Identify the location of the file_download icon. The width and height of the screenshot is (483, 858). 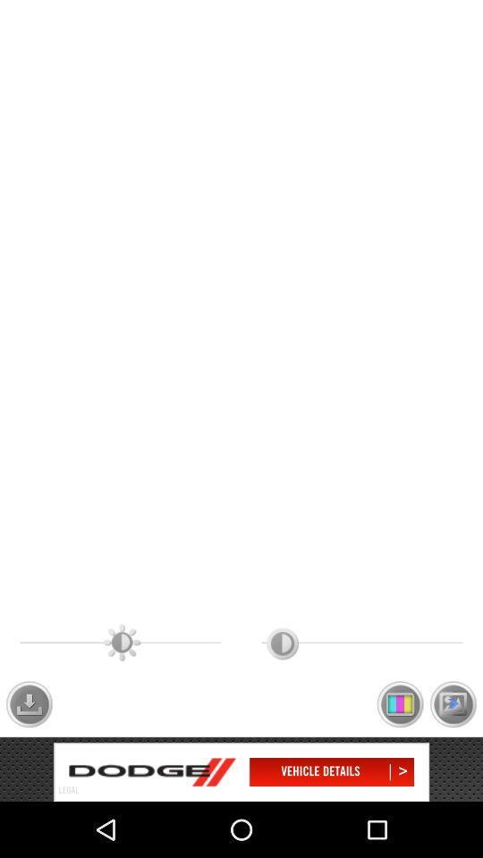
(28, 753).